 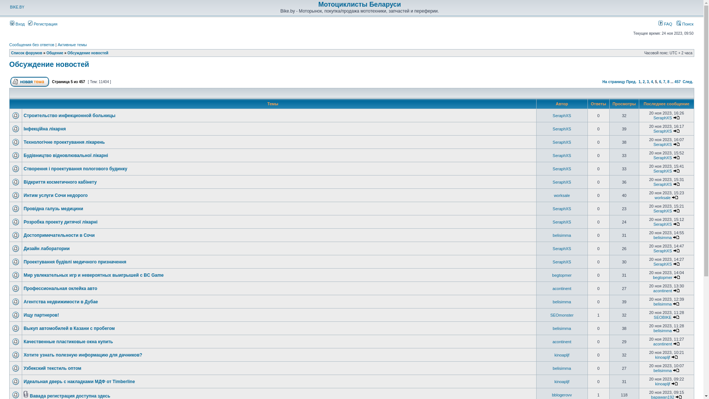 I want to click on '2', so click(x=643, y=82).